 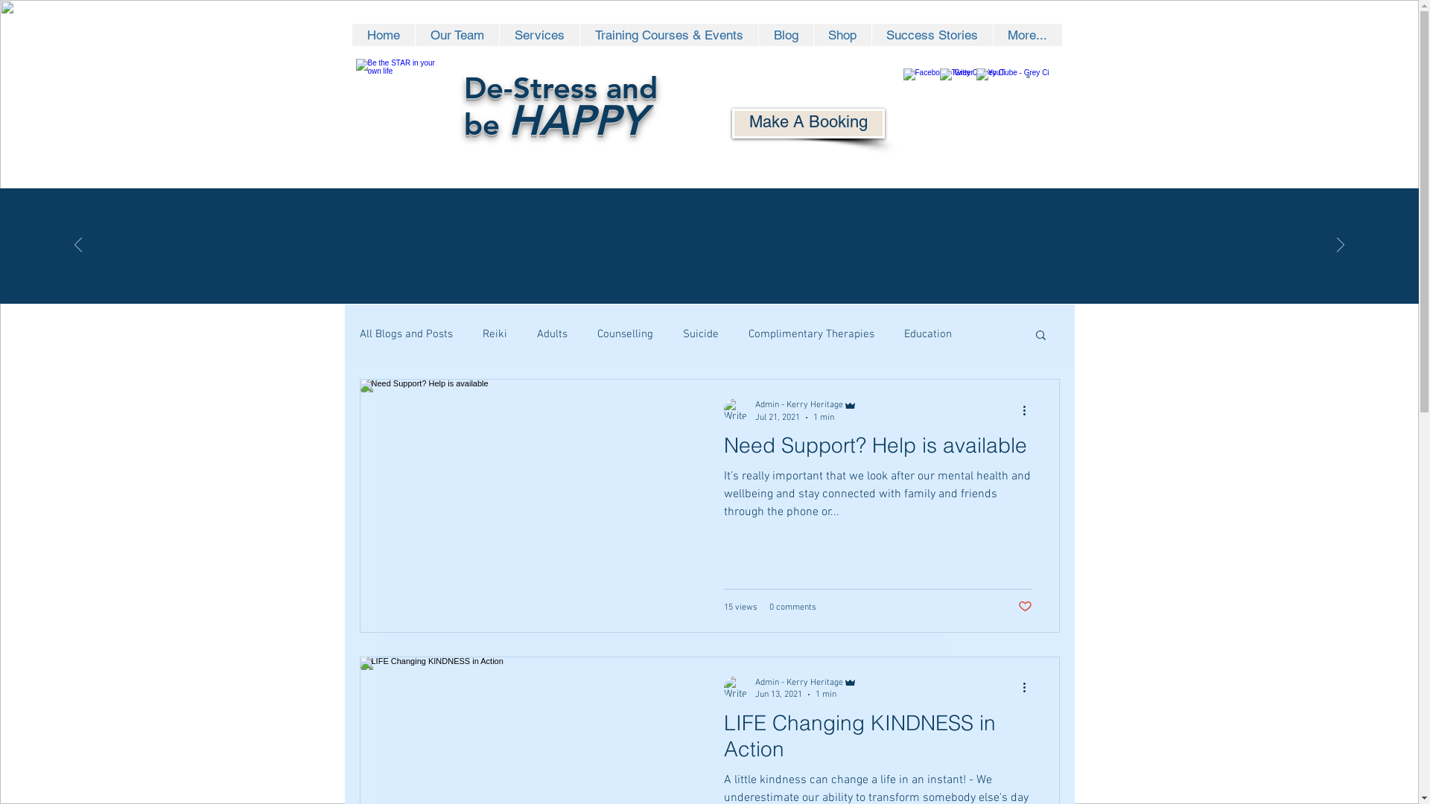 What do you see at coordinates (455, 33) in the screenshot?
I see `'Our Team'` at bounding box center [455, 33].